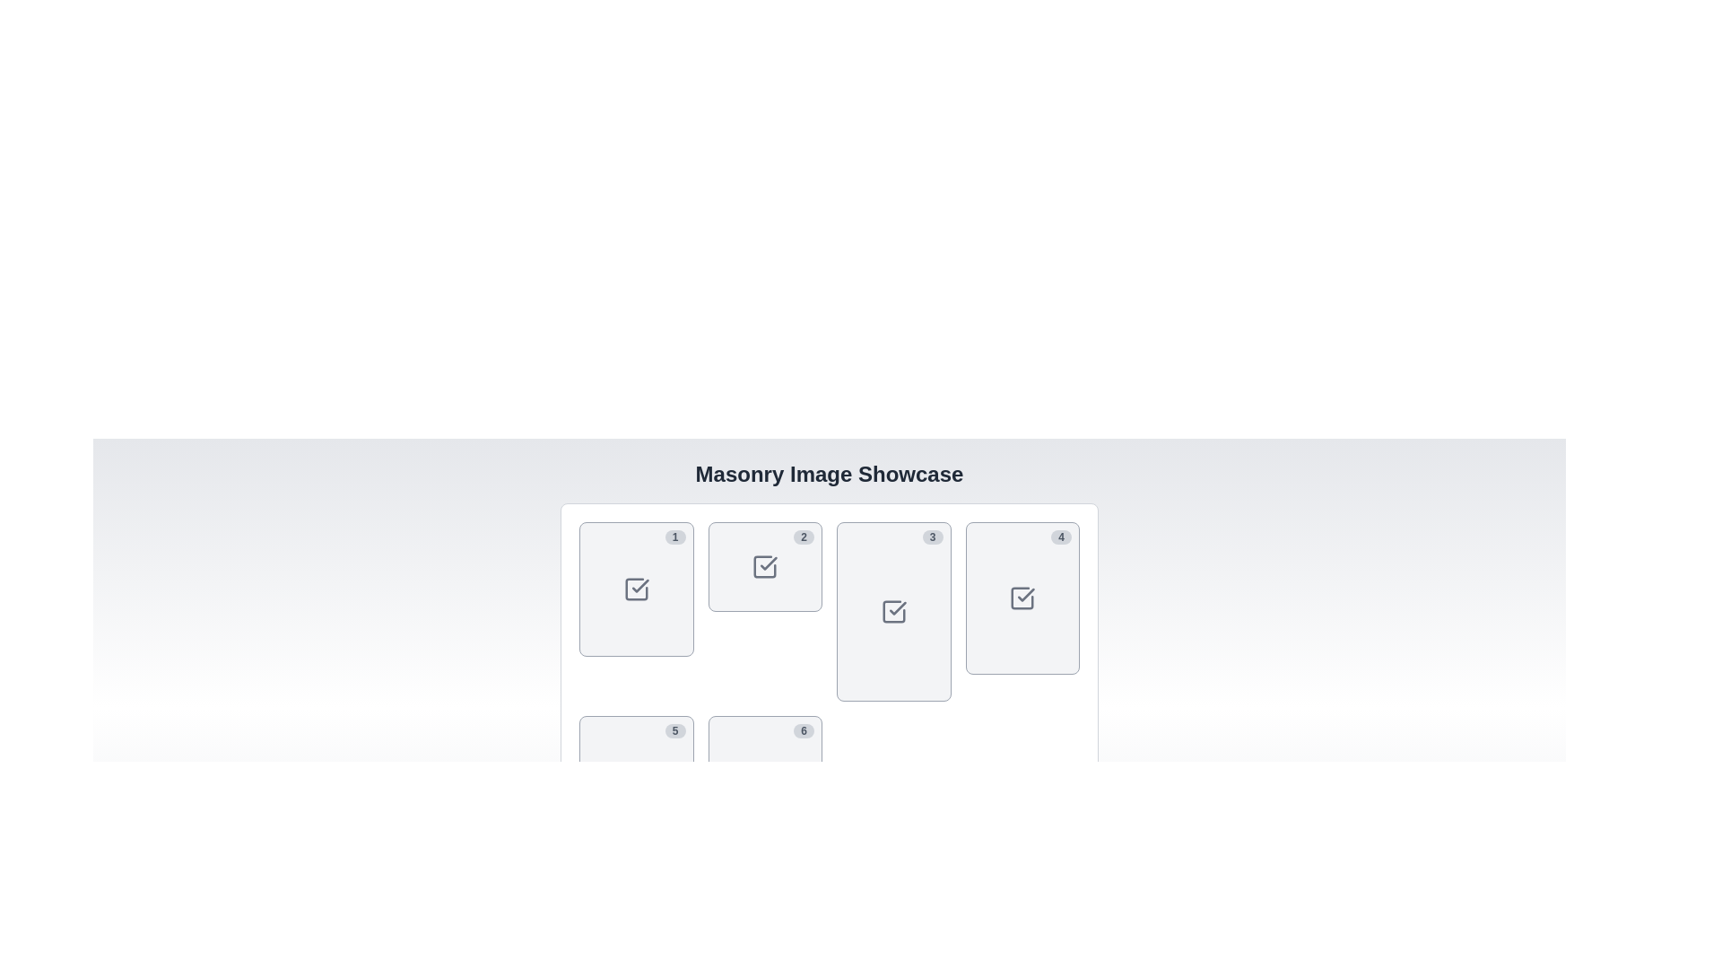  What do you see at coordinates (829, 473) in the screenshot?
I see `the Text label or heading that serves as the title for the masonry-style image showcase, located at the top of the content area above the grid layout of image cards` at bounding box center [829, 473].